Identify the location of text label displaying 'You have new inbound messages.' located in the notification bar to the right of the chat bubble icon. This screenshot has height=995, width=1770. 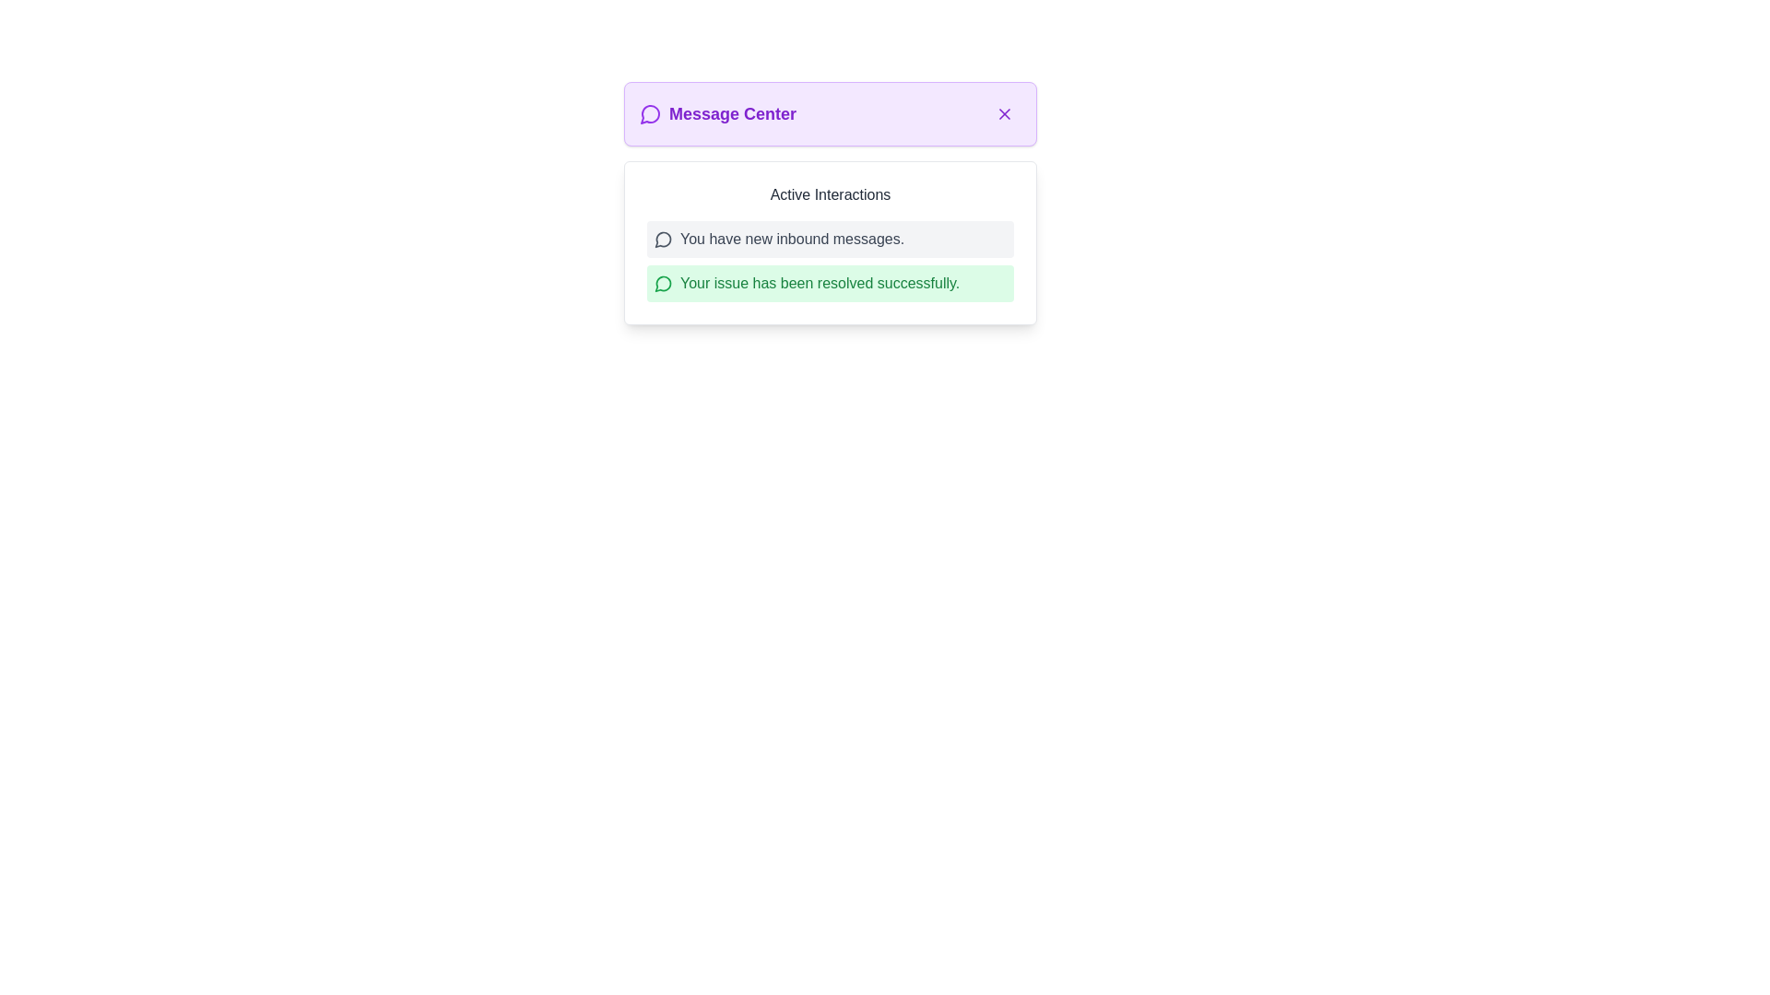
(792, 238).